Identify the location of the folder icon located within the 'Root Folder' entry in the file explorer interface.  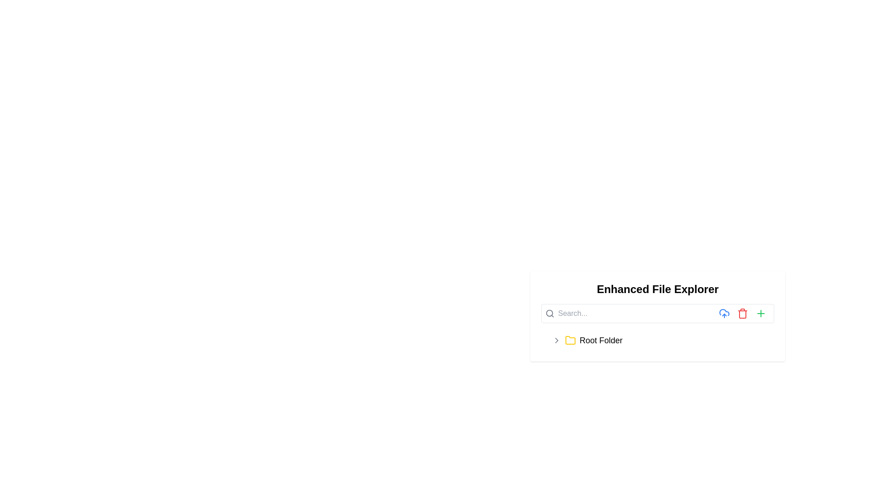
(570, 340).